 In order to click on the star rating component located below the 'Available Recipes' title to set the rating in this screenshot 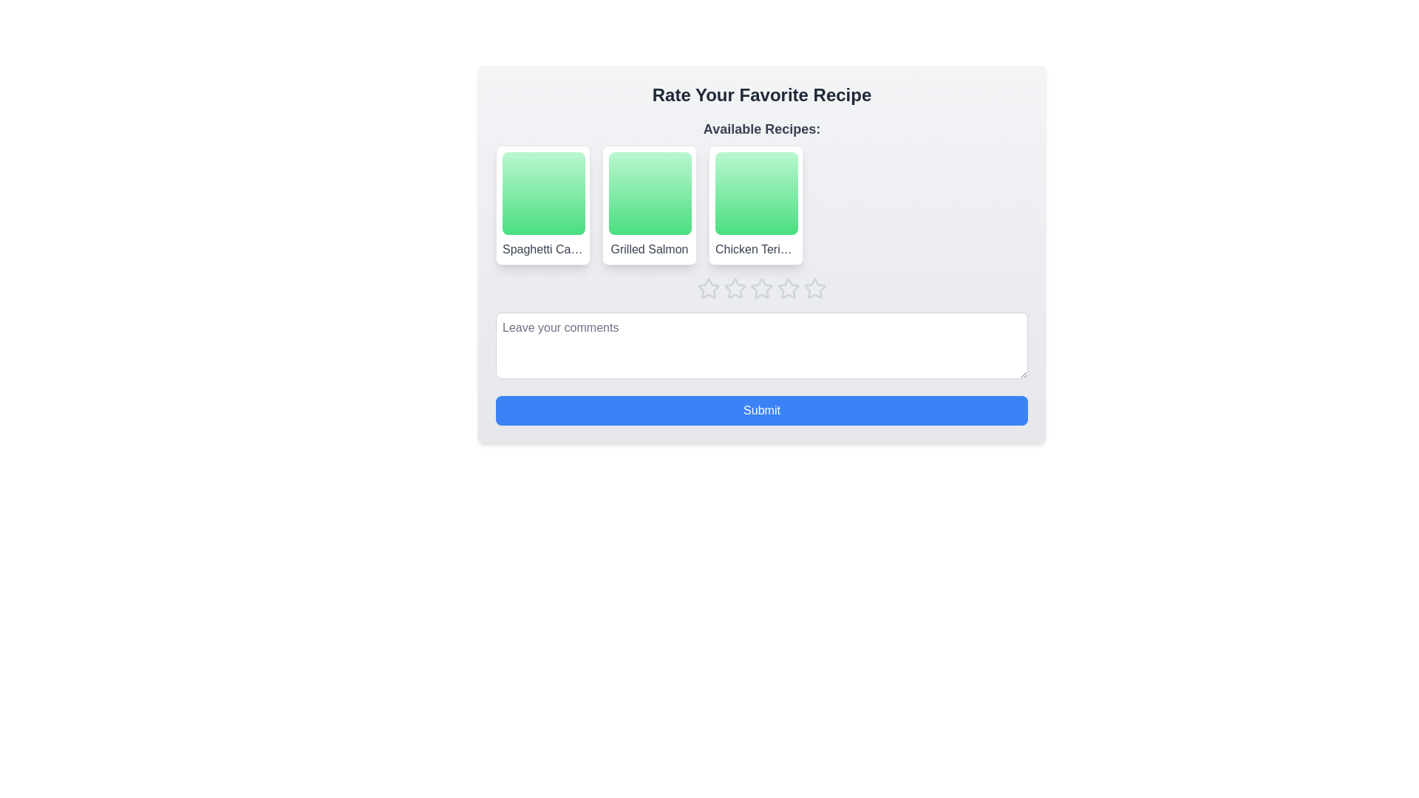, I will do `click(762, 288)`.